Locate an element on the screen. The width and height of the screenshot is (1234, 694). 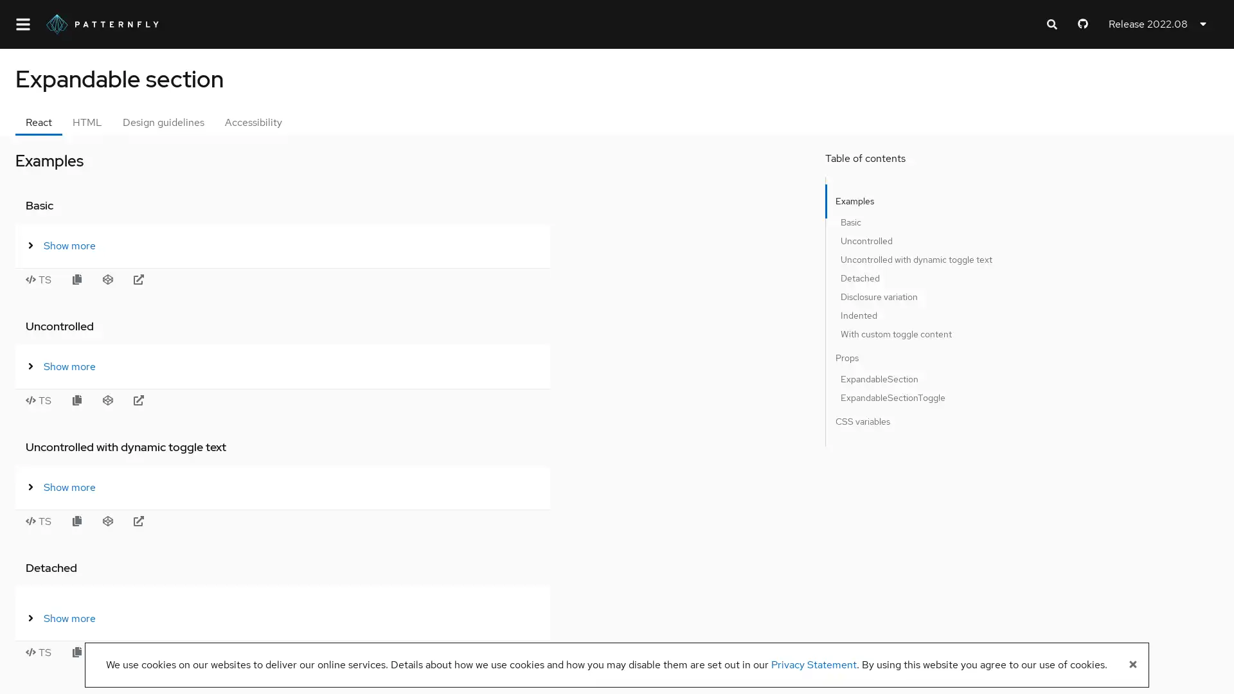
Open Detached example in CodeSandbox is located at coordinates (293, 652).